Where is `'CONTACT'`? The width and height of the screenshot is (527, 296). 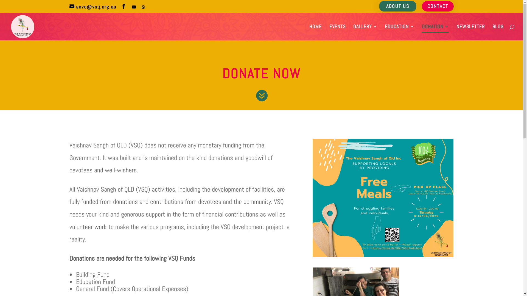 'CONTACT' is located at coordinates (437, 6).